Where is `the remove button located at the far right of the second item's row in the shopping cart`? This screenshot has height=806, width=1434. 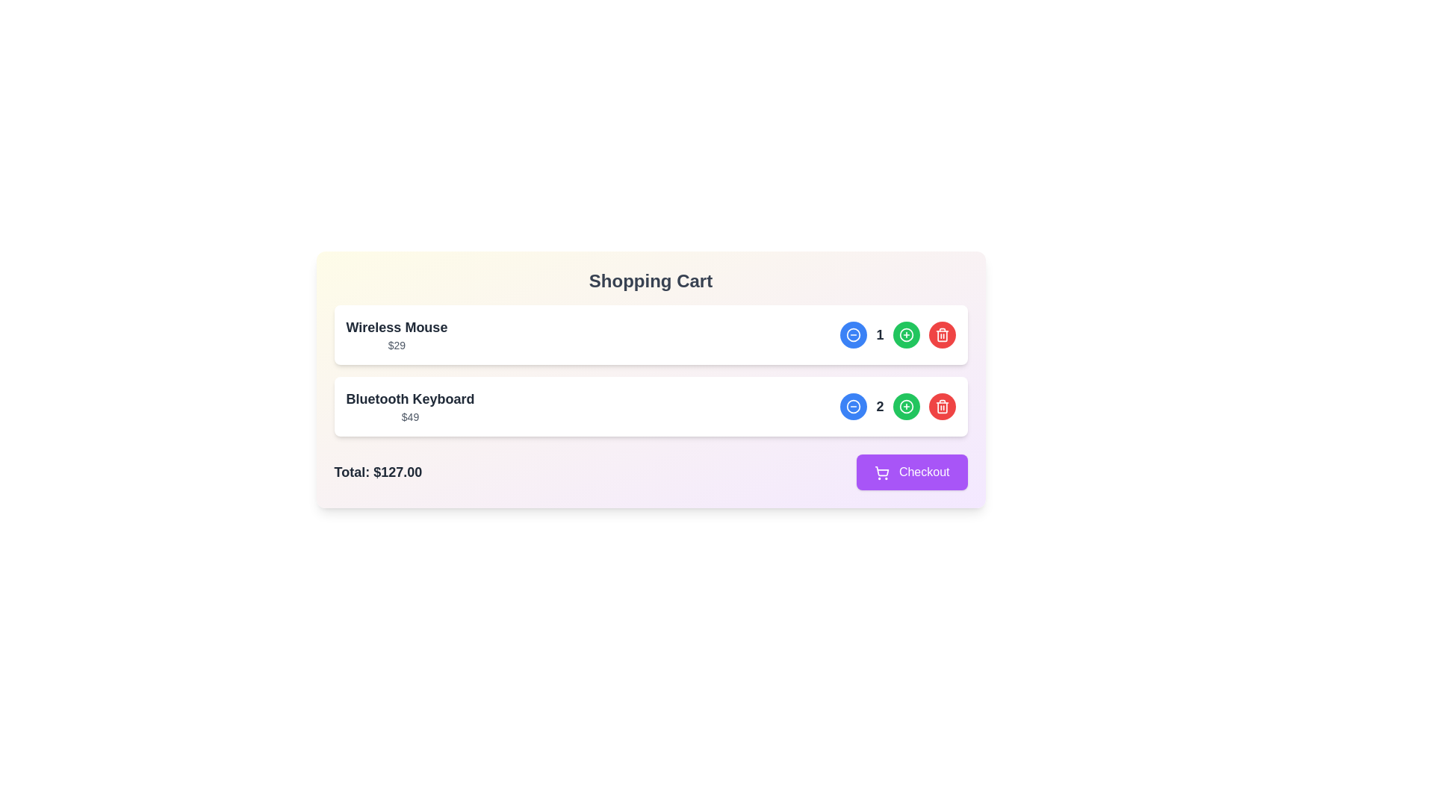
the remove button located at the far right of the second item's row in the shopping cart is located at coordinates (941, 406).